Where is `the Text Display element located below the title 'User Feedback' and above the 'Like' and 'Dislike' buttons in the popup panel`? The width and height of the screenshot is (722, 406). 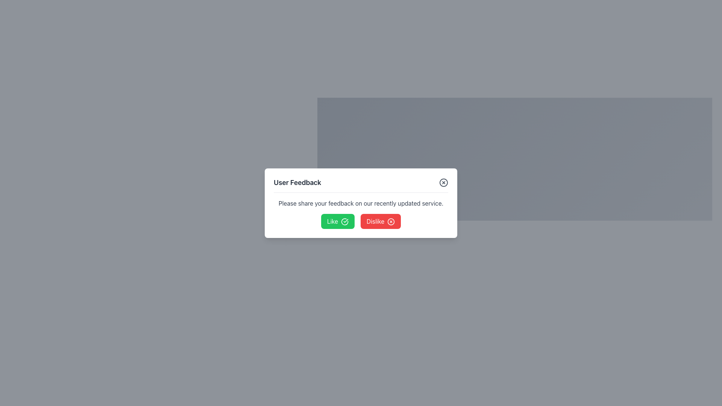
the Text Display element located below the title 'User Feedback' and above the 'Like' and 'Dislike' buttons in the popup panel is located at coordinates (361, 203).